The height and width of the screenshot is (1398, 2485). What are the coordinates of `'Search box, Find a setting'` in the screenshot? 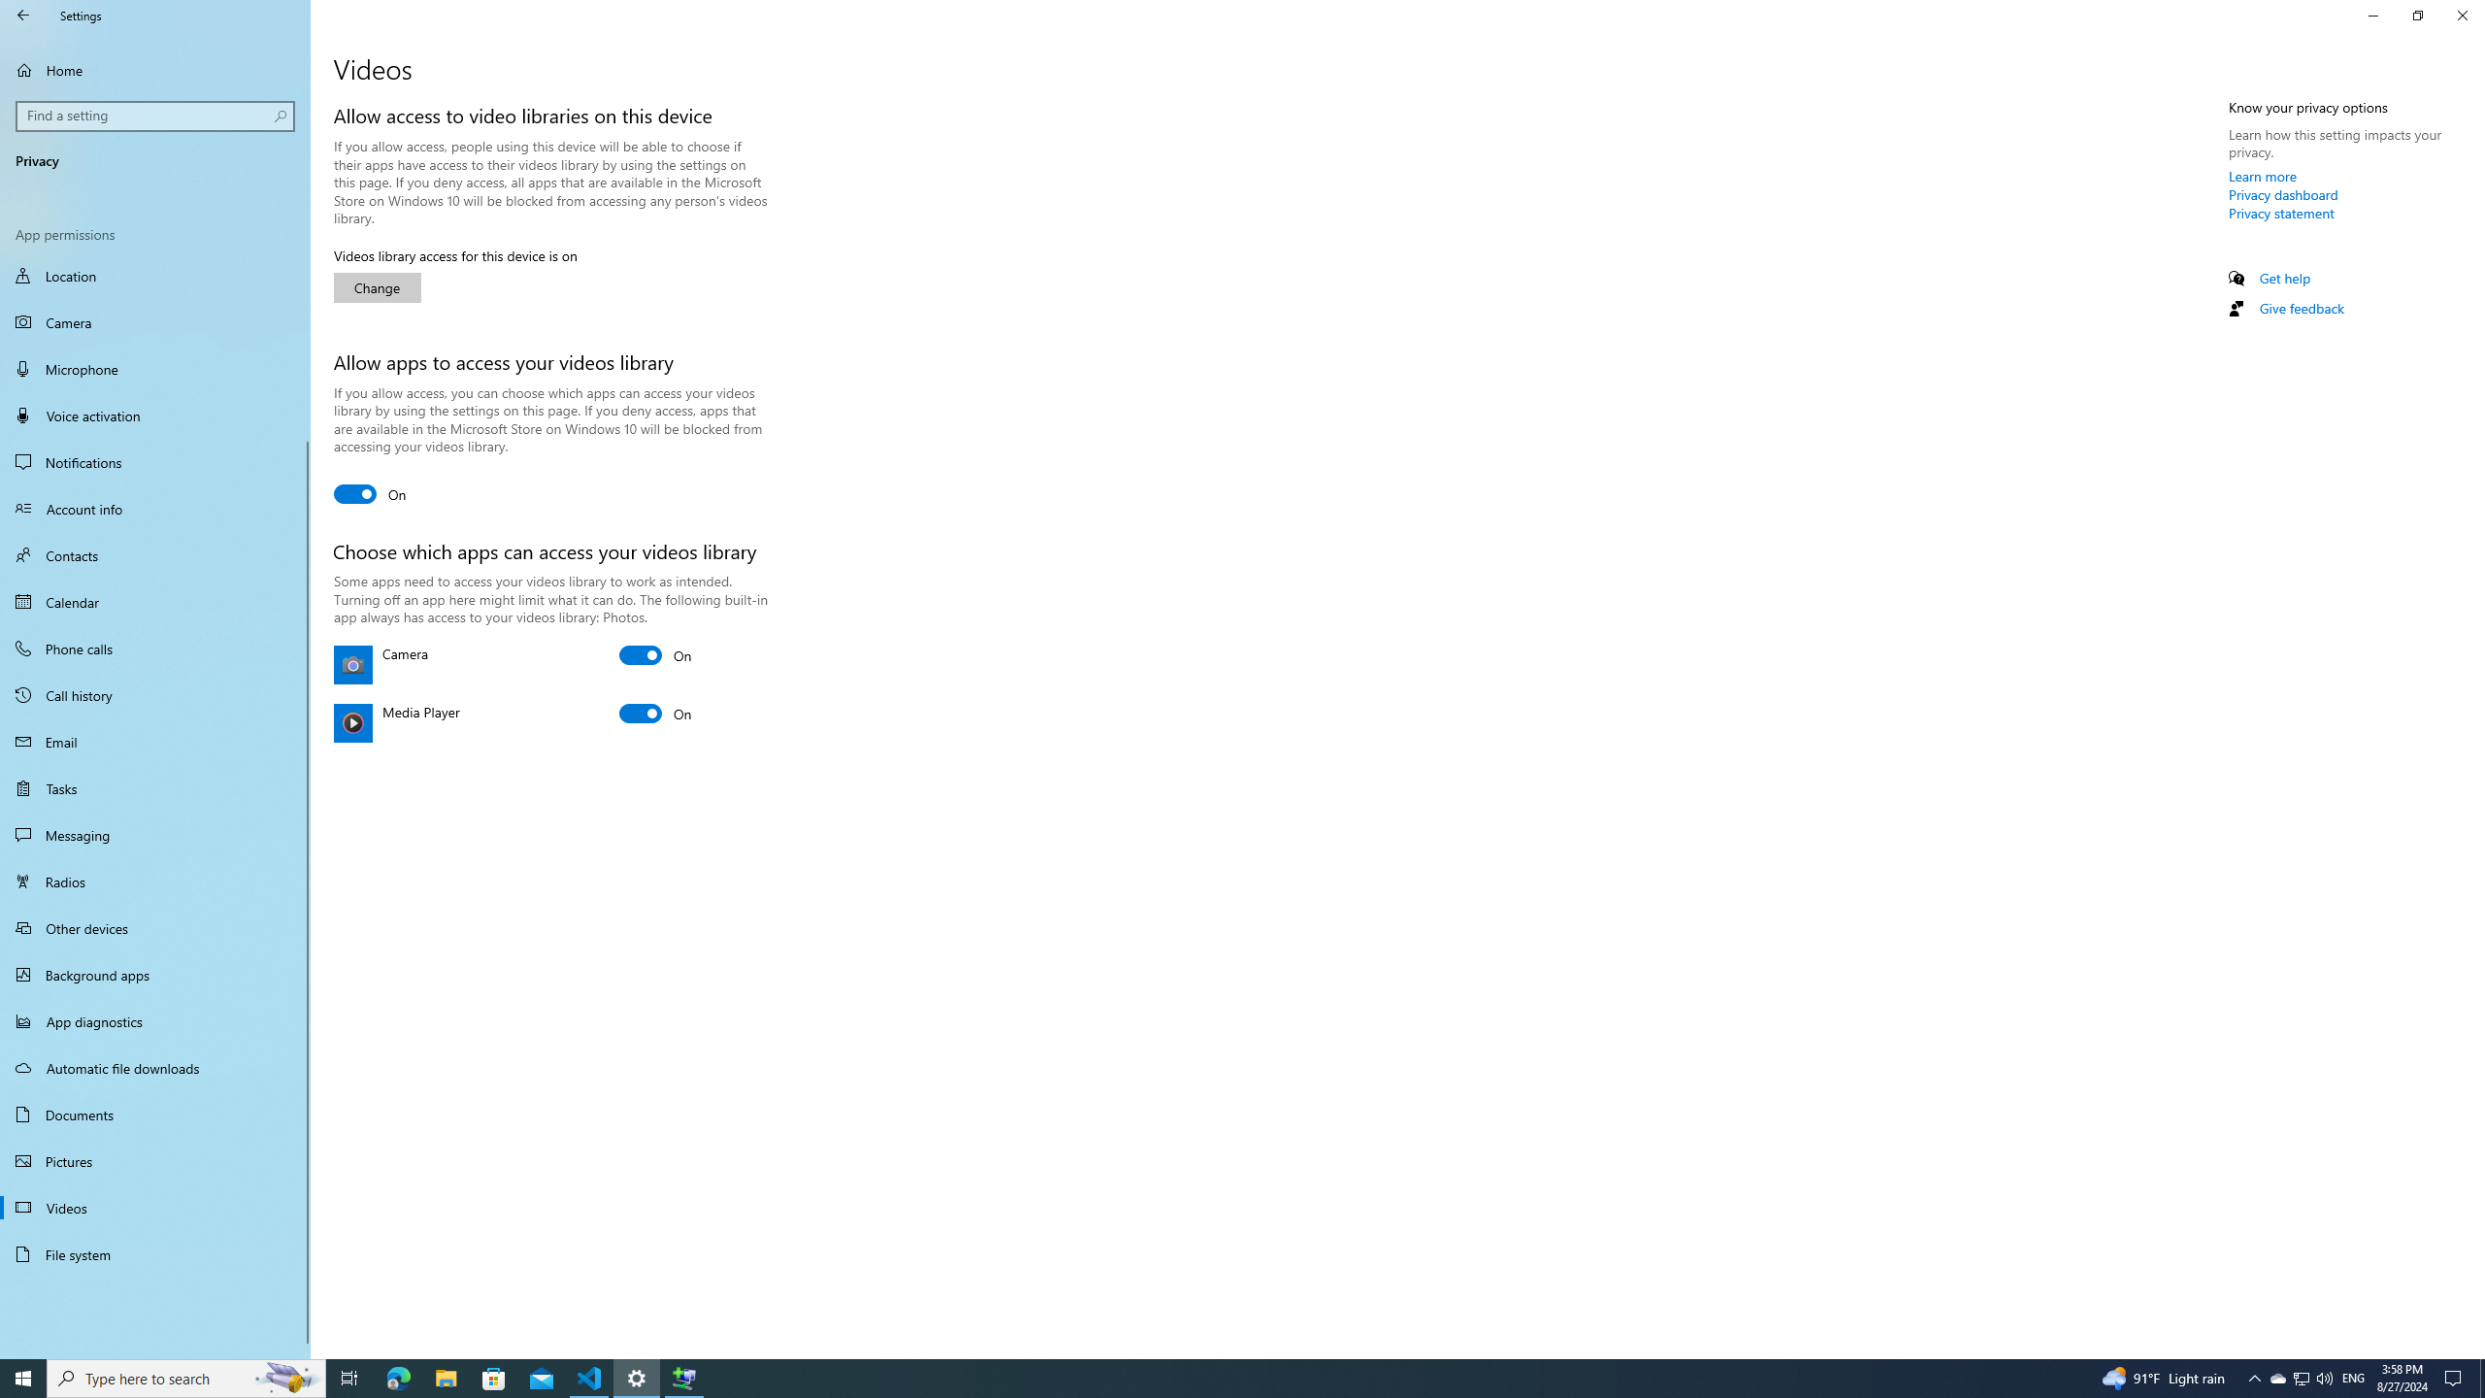 It's located at (155, 115).